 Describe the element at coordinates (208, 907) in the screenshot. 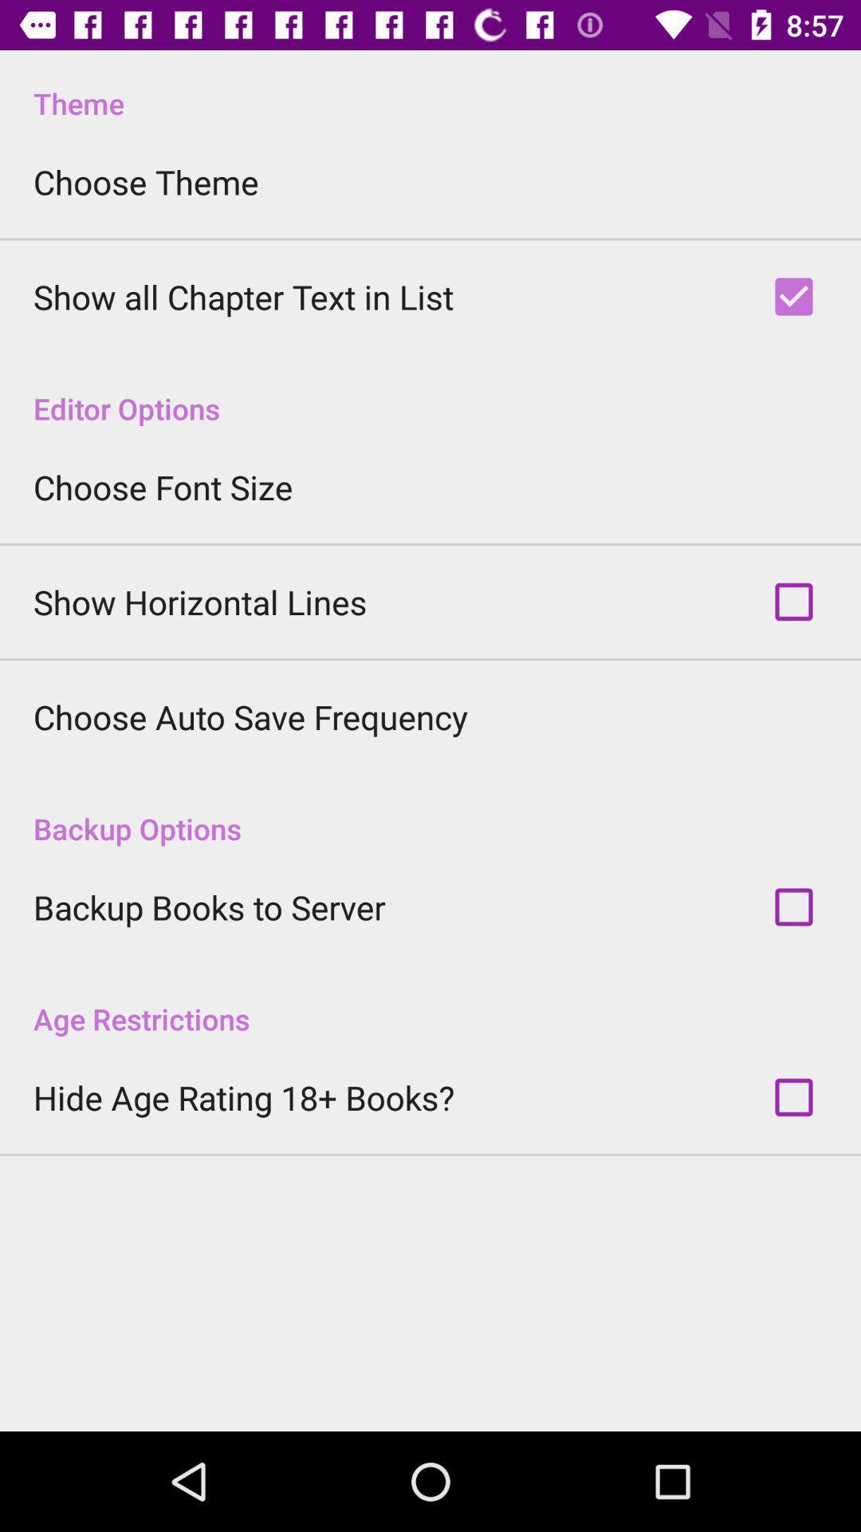

I see `the icon below backup options app` at that location.